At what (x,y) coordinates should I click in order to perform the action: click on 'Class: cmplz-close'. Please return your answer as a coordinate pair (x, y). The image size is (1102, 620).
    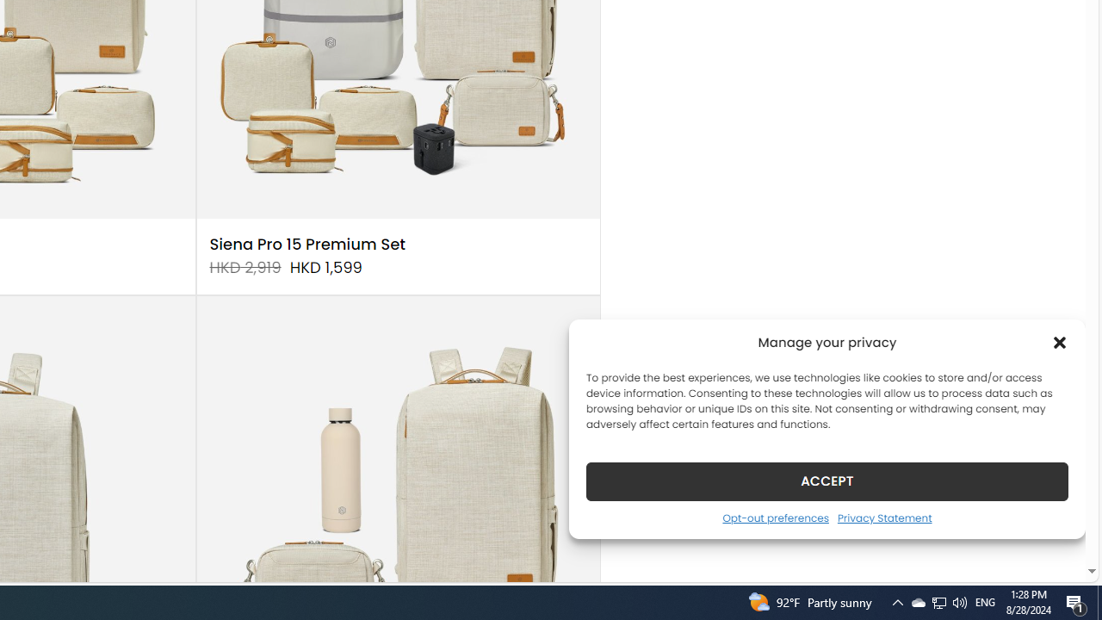
    Looking at the image, I should click on (1059, 342).